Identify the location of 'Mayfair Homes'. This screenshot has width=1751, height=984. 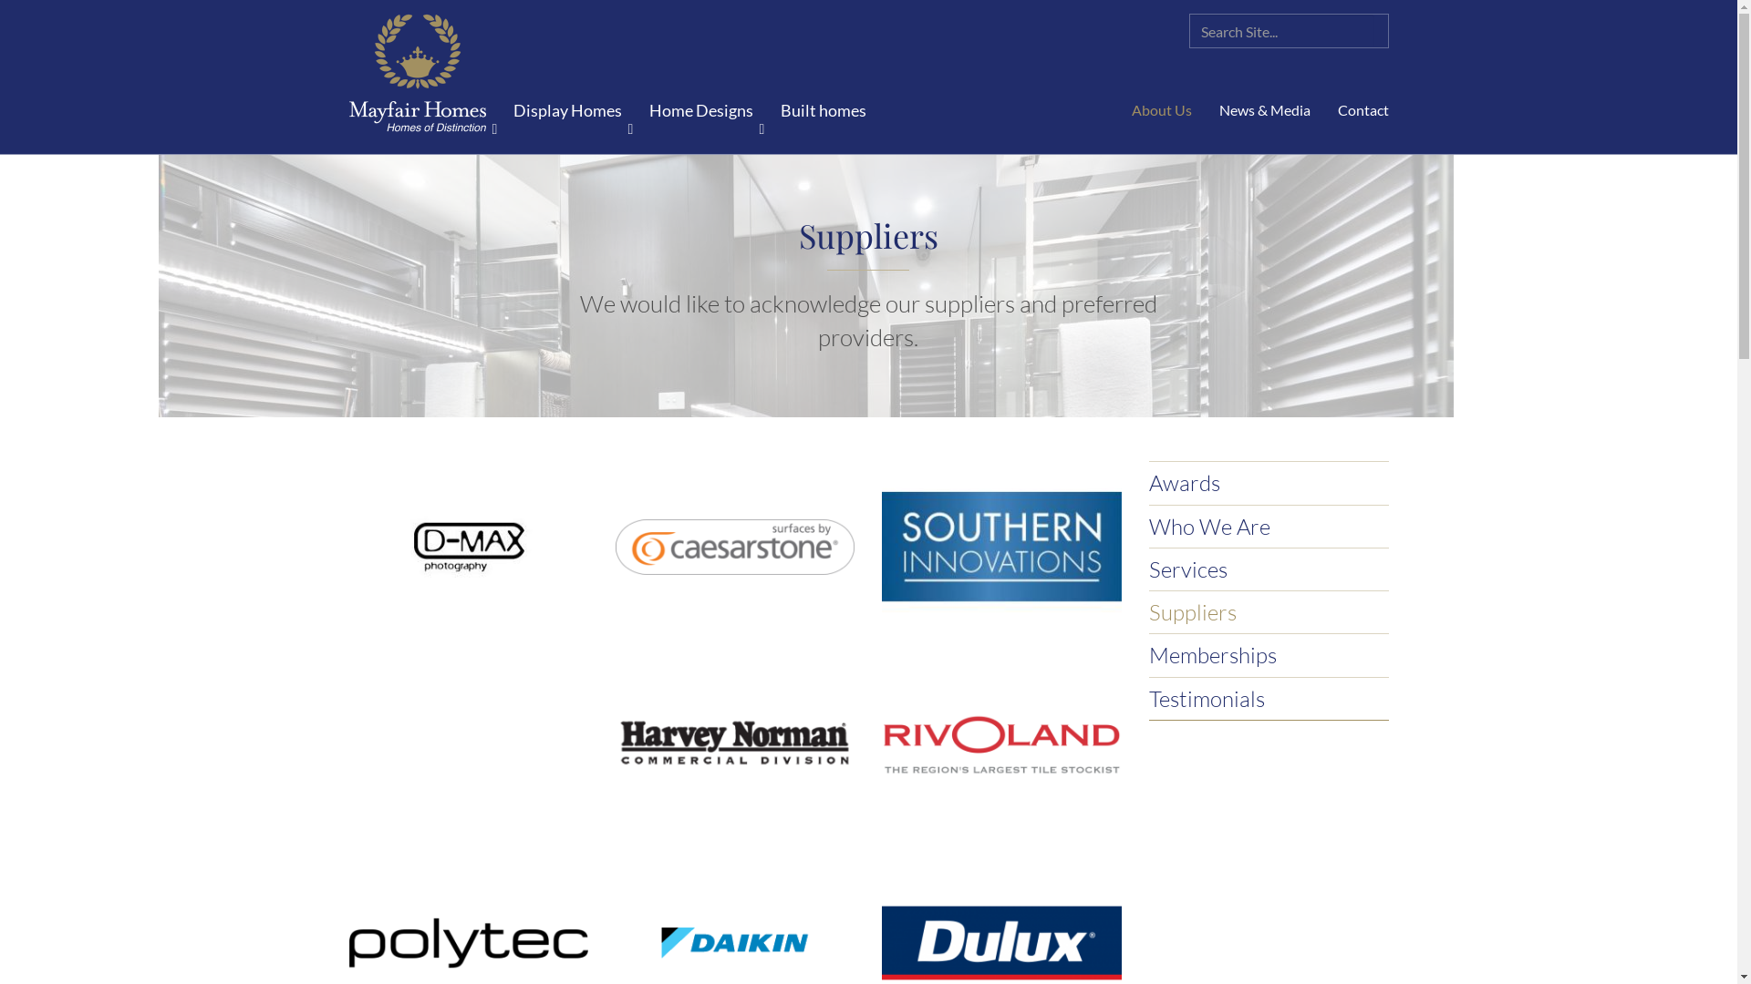
(416, 74).